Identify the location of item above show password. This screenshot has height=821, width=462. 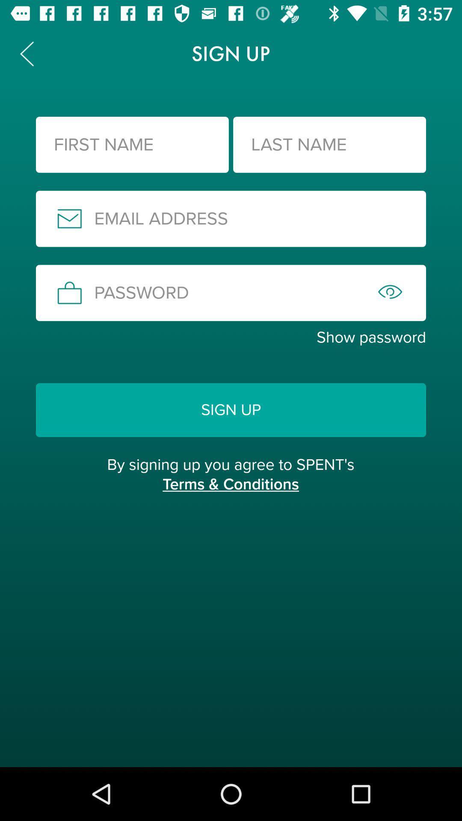
(231, 293).